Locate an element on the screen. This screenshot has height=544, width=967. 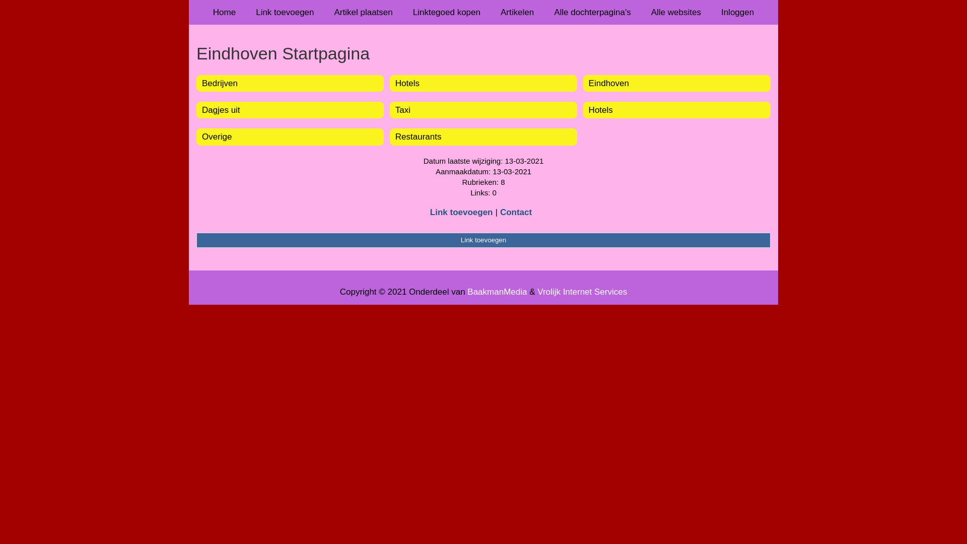
'Vrolijk Internet Services' is located at coordinates (582, 292).